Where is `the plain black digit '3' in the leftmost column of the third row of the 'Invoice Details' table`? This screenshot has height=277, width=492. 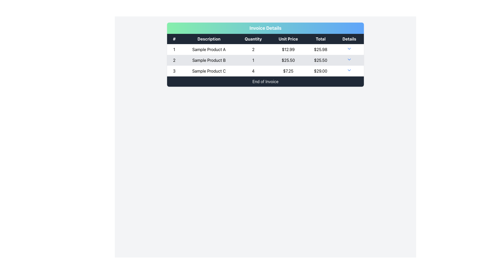 the plain black digit '3' in the leftmost column of the third row of the 'Invoice Details' table is located at coordinates (174, 71).